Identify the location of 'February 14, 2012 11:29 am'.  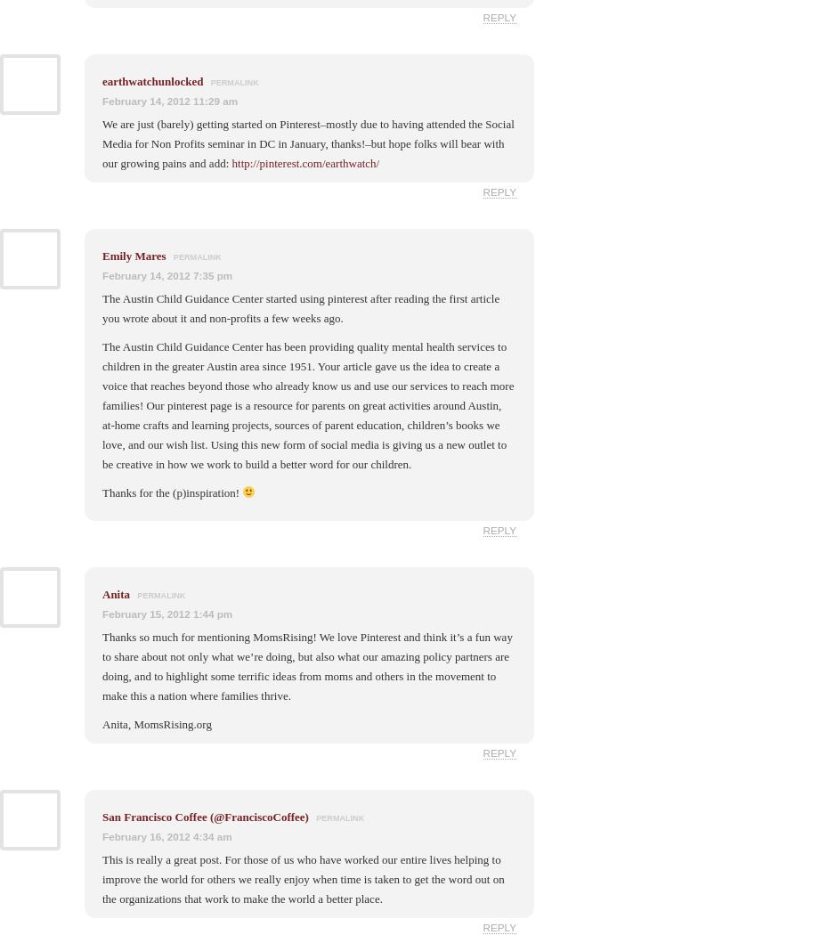
(169, 100).